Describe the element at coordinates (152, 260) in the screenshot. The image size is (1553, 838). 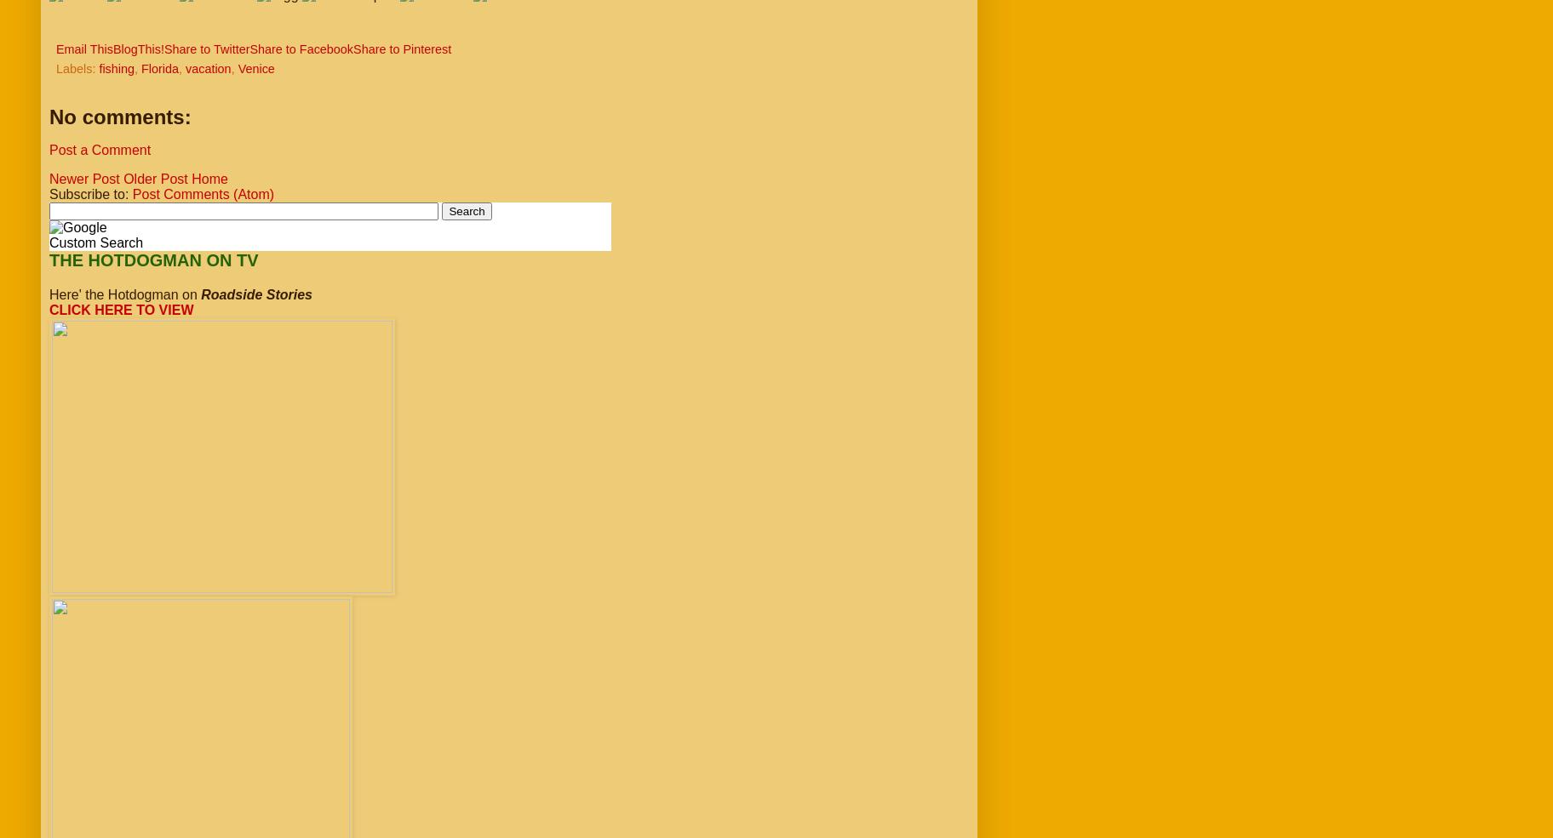
I see `'The Hotdogman on TV'` at that location.